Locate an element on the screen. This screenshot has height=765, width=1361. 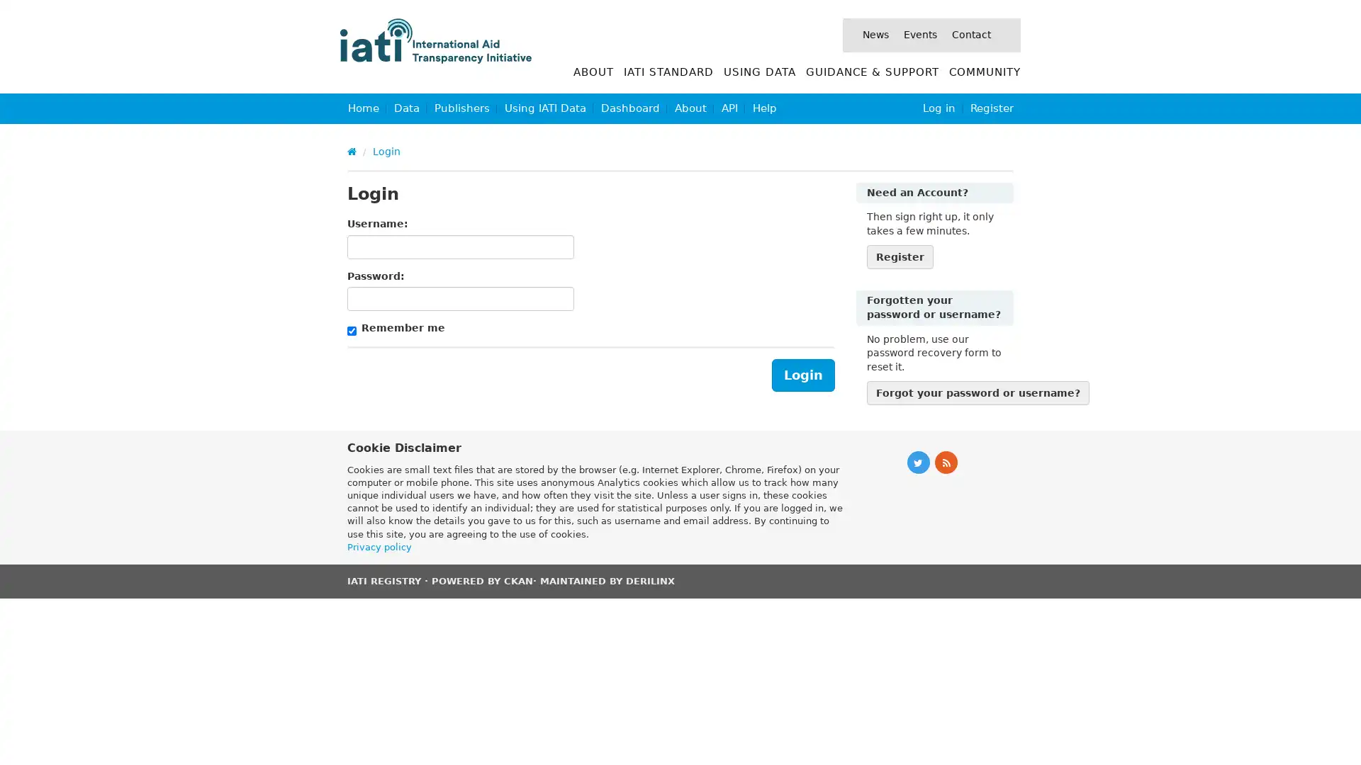
Login is located at coordinates (803, 374).